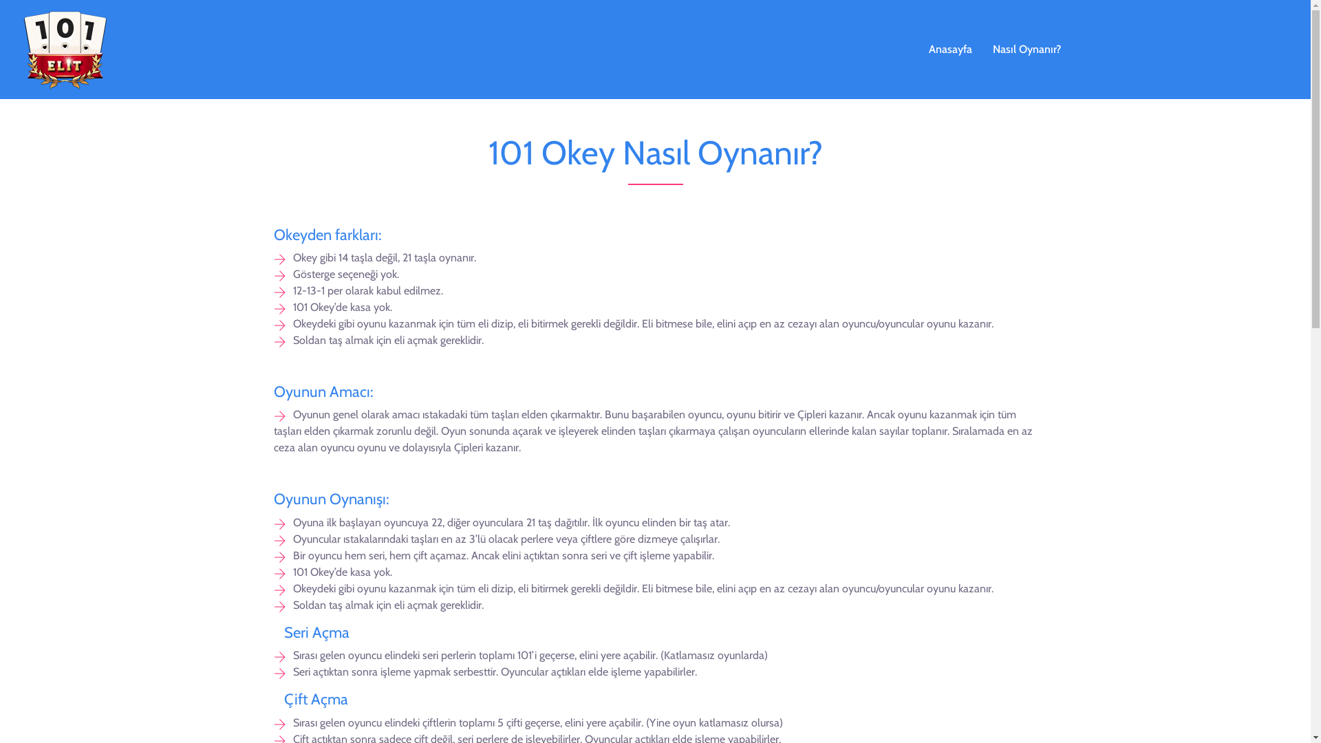  Describe the element at coordinates (918, 49) in the screenshot. I see `'Anasayfa'` at that location.